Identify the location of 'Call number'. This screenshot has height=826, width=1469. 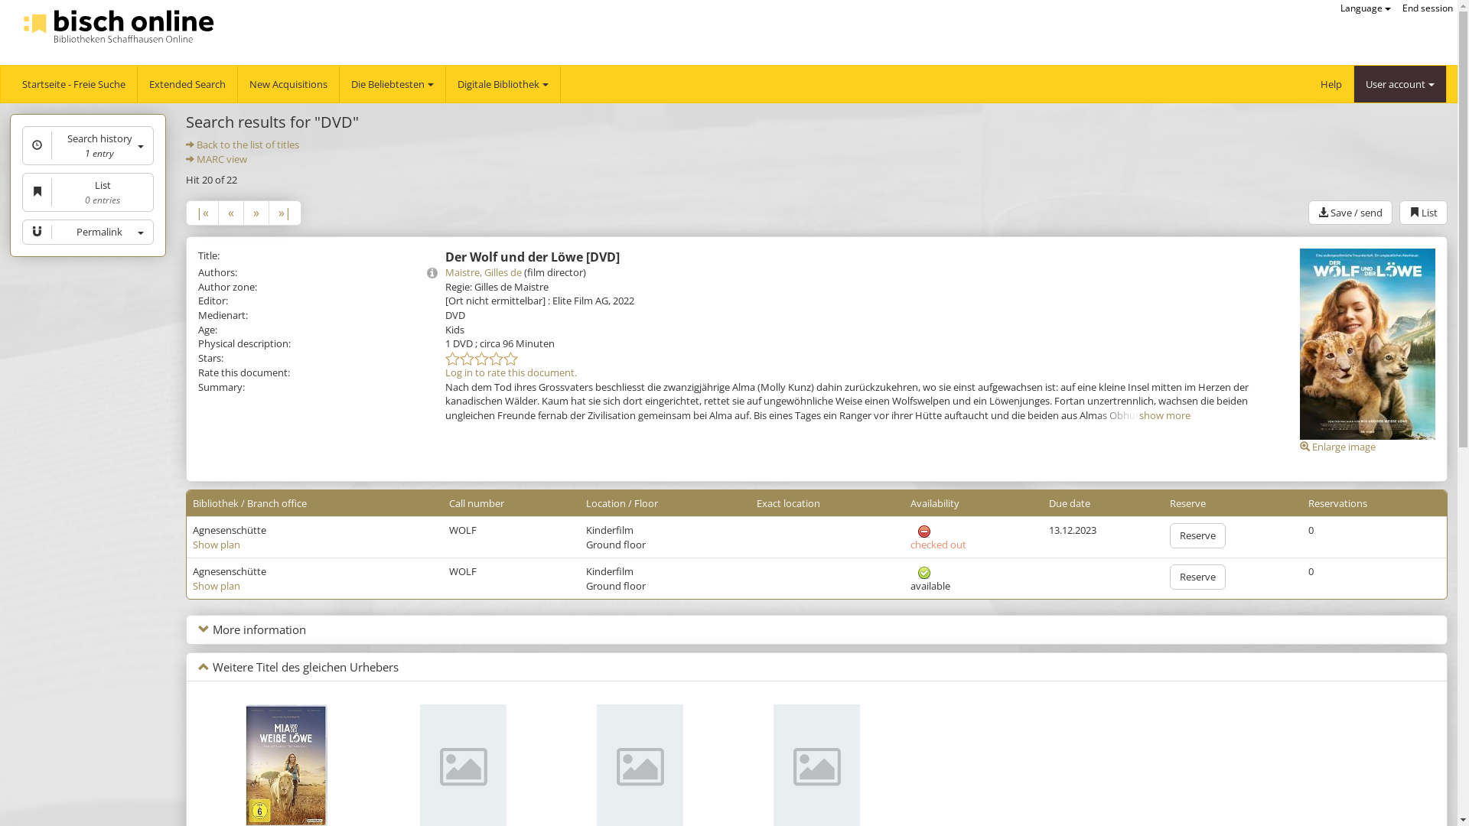
(476, 503).